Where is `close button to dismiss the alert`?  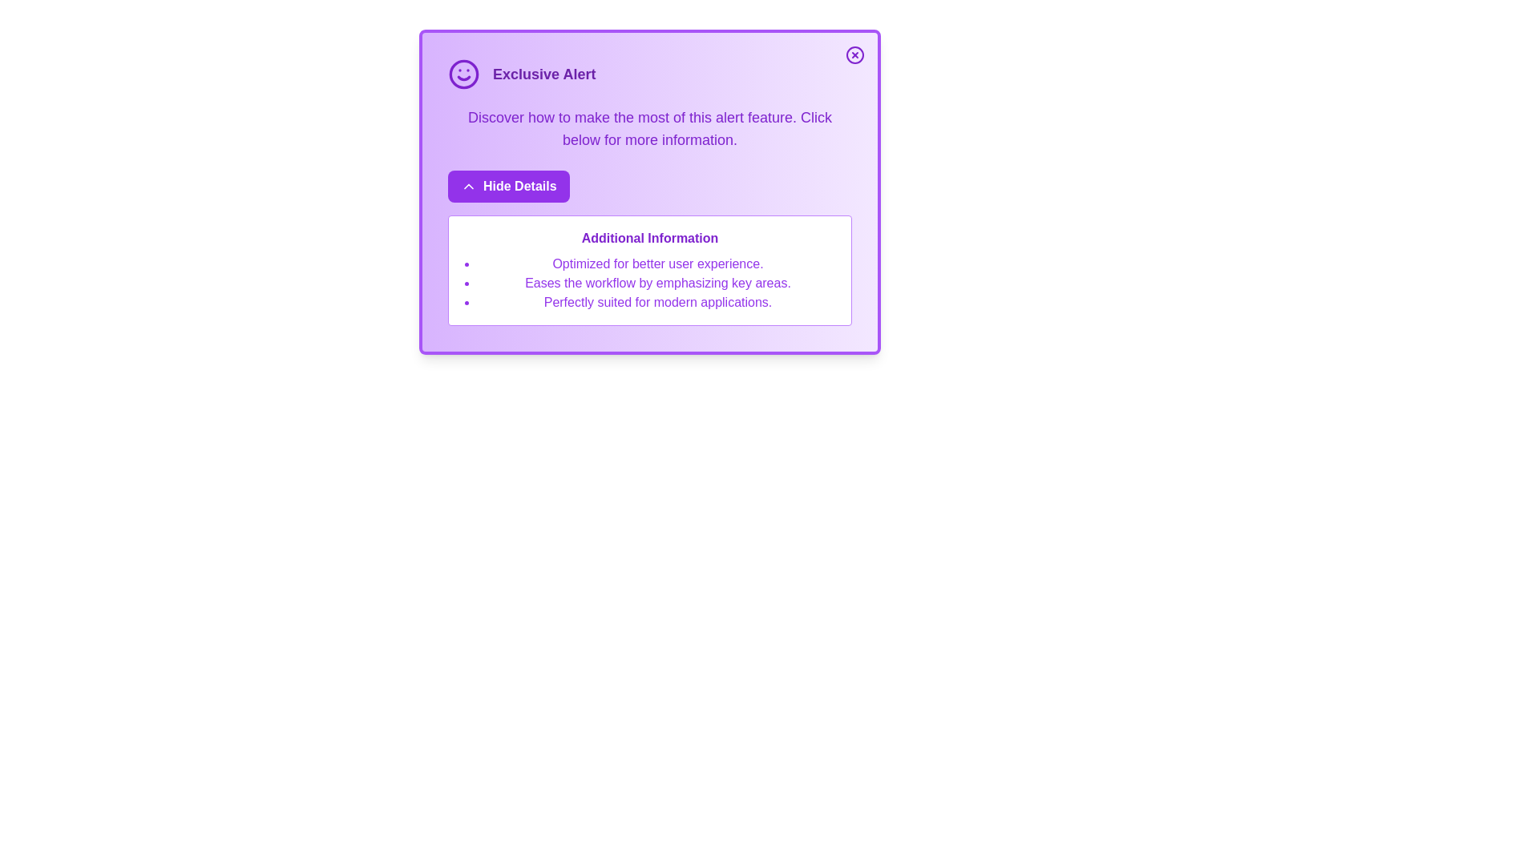 close button to dismiss the alert is located at coordinates (854, 54).